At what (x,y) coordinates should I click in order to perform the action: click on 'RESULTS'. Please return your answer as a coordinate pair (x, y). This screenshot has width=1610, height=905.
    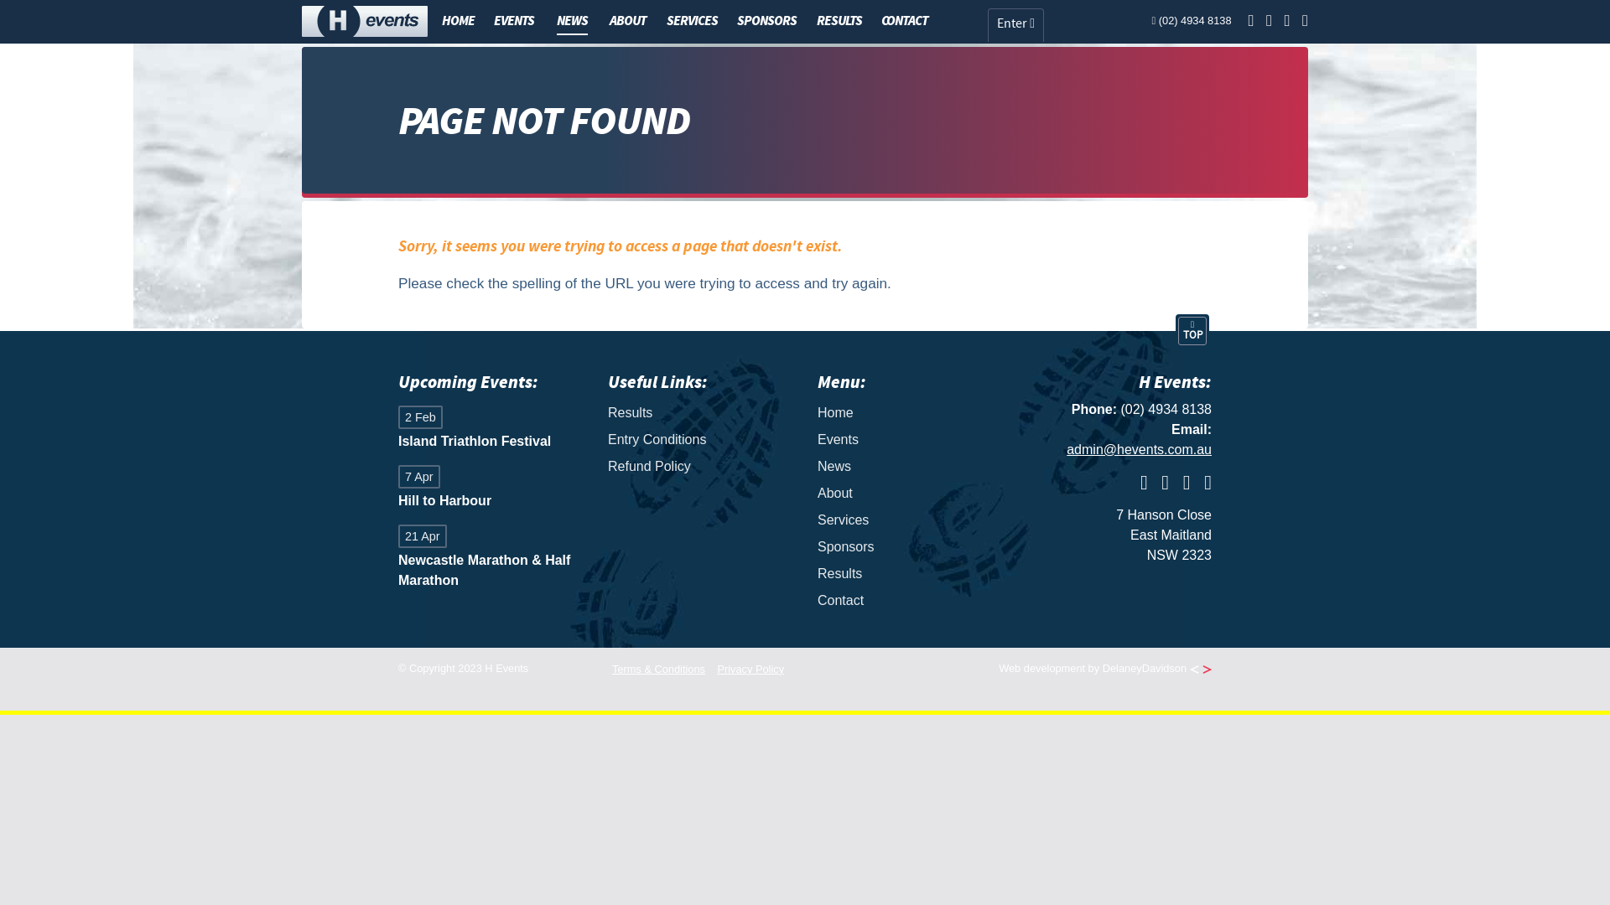
    Looking at the image, I should click on (810, 20).